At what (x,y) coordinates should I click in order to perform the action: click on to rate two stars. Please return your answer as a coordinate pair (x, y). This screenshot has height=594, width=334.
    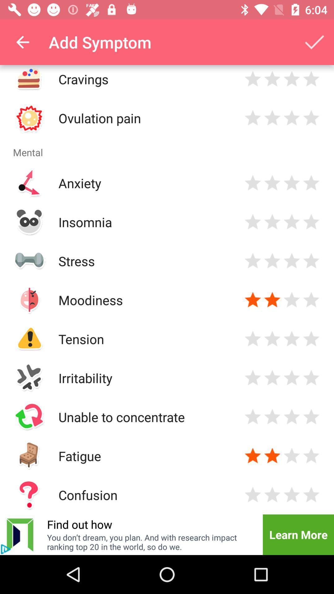
    Looking at the image, I should click on (272, 377).